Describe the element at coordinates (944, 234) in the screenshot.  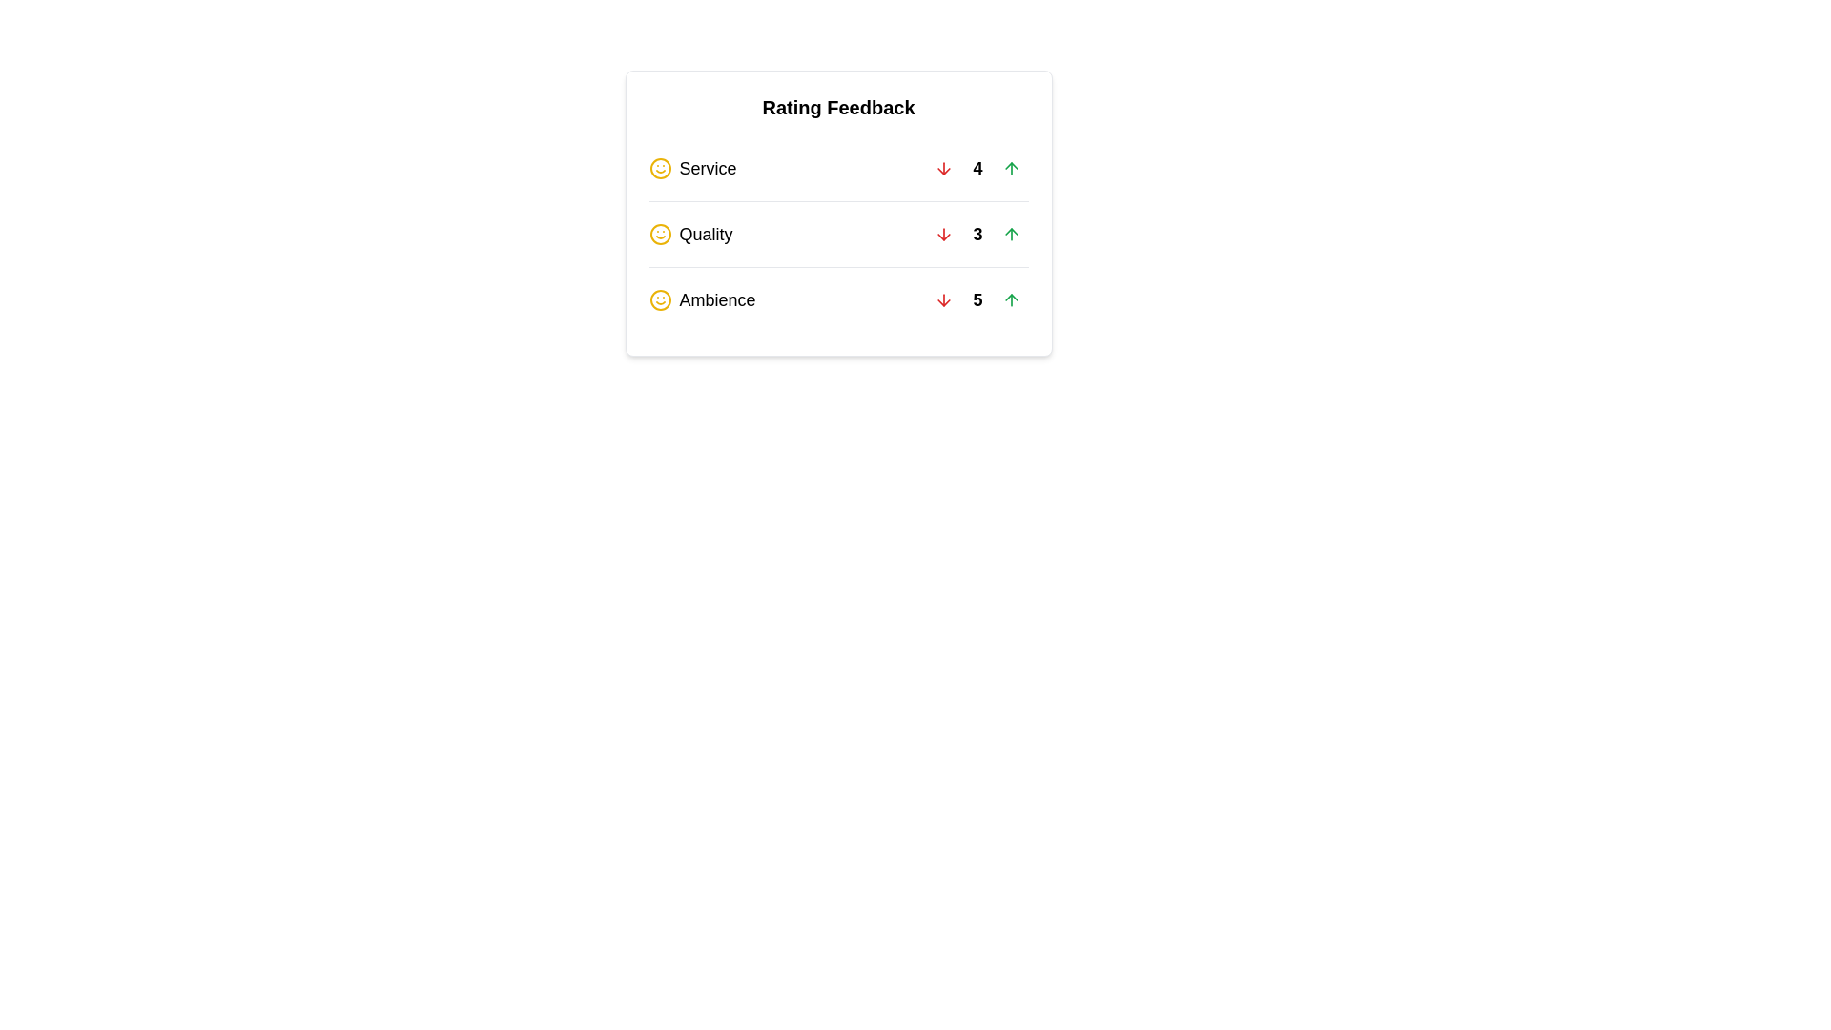
I see `the downward arrow icon button located in the second row labeled 'Quality' to decrease the rating` at that location.